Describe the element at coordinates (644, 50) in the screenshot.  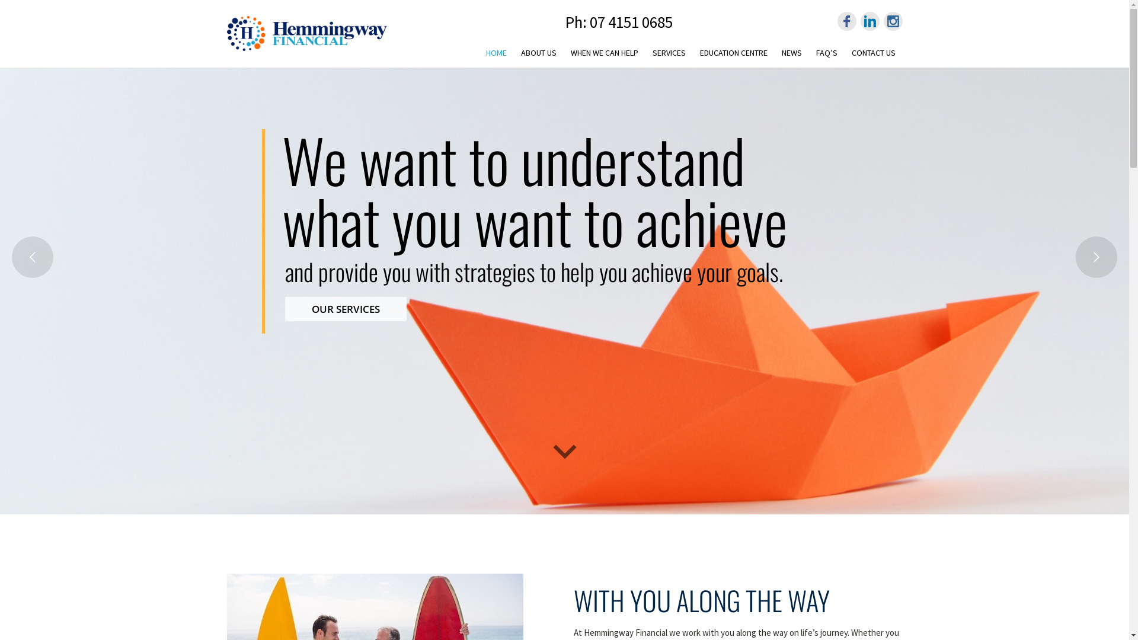
I see `'SERVICES'` at that location.